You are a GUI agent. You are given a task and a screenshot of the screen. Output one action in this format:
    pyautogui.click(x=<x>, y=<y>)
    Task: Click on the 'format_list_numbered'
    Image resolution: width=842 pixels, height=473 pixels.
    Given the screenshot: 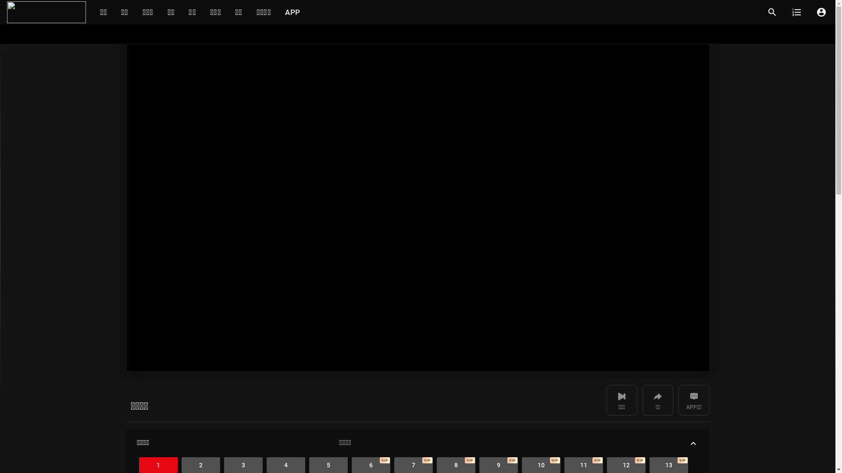 What is the action you would take?
    pyautogui.click(x=797, y=12)
    